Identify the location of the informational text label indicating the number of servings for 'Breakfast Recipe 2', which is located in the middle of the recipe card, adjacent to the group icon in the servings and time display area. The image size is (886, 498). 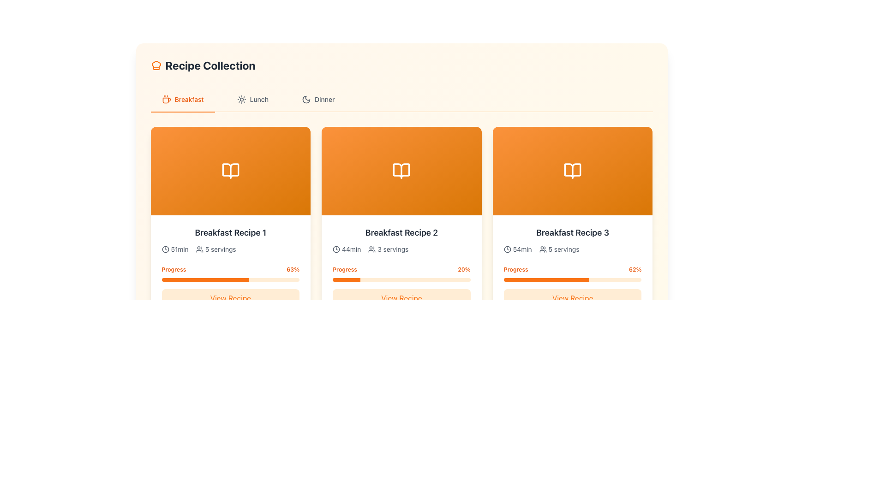
(393, 249).